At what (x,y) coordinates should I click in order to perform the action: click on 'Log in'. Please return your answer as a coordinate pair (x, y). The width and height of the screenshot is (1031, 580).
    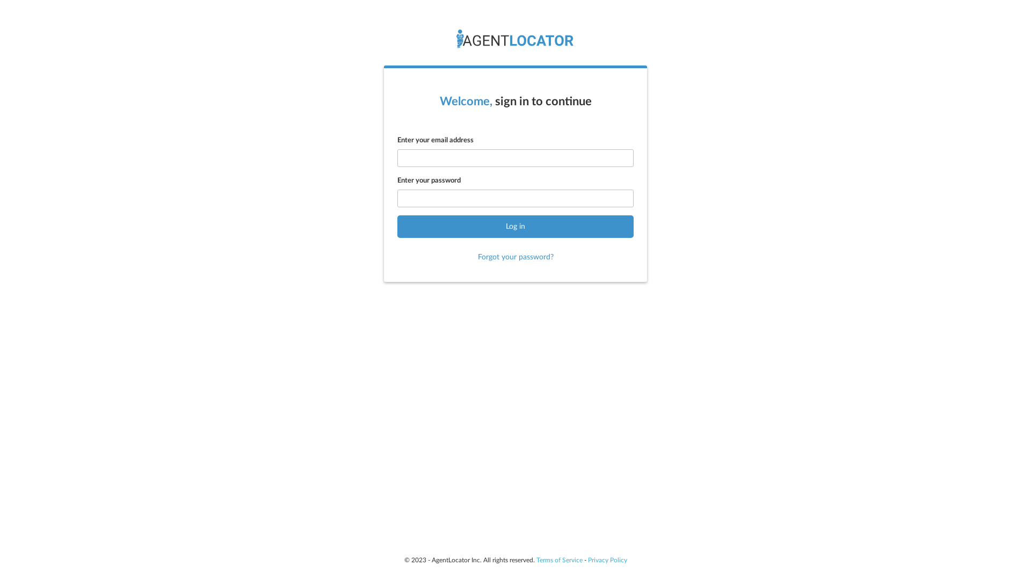
    Looking at the image, I should click on (515, 226).